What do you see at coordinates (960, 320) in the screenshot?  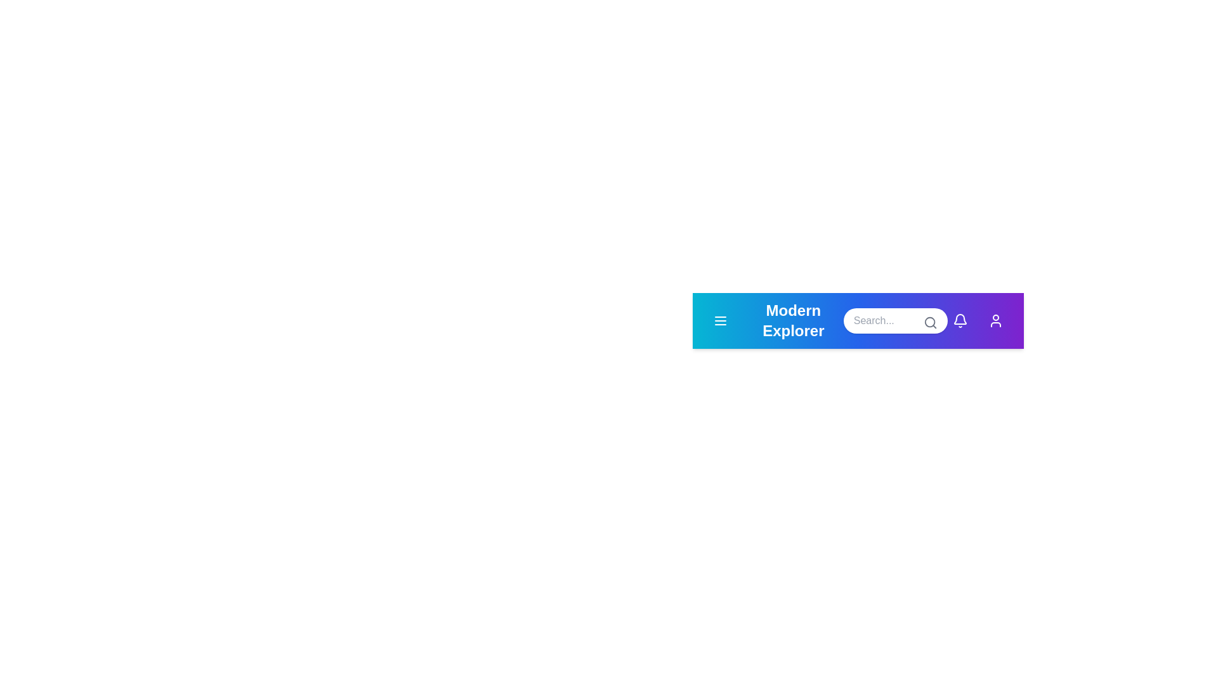 I see `the notification icon to view notifications` at bounding box center [960, 320].